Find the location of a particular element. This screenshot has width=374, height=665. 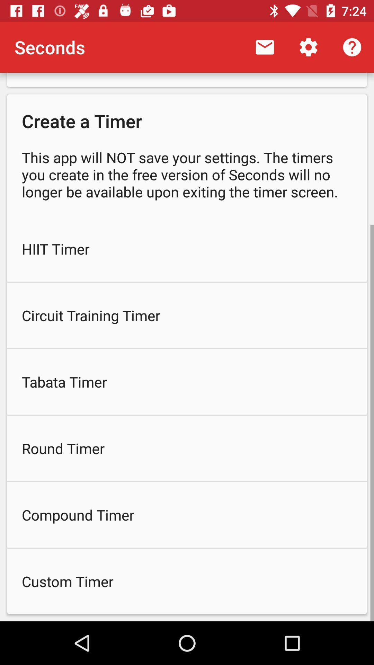

the custom timer item is located at coordinates (187, 581).